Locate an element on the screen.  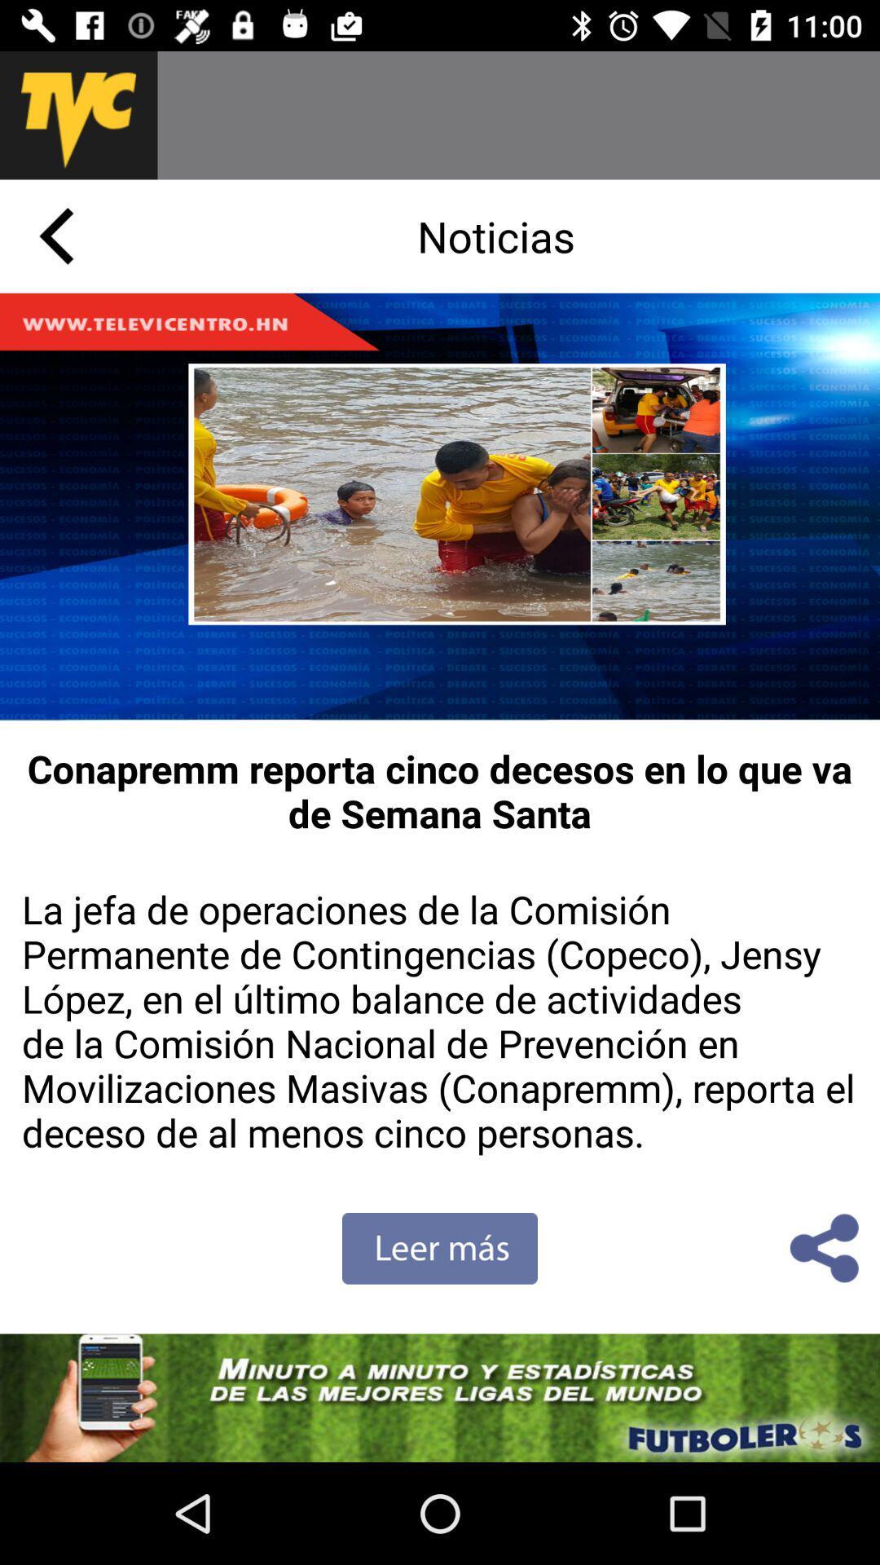
the arrow_backward icon is located at coordinates (55, 235).